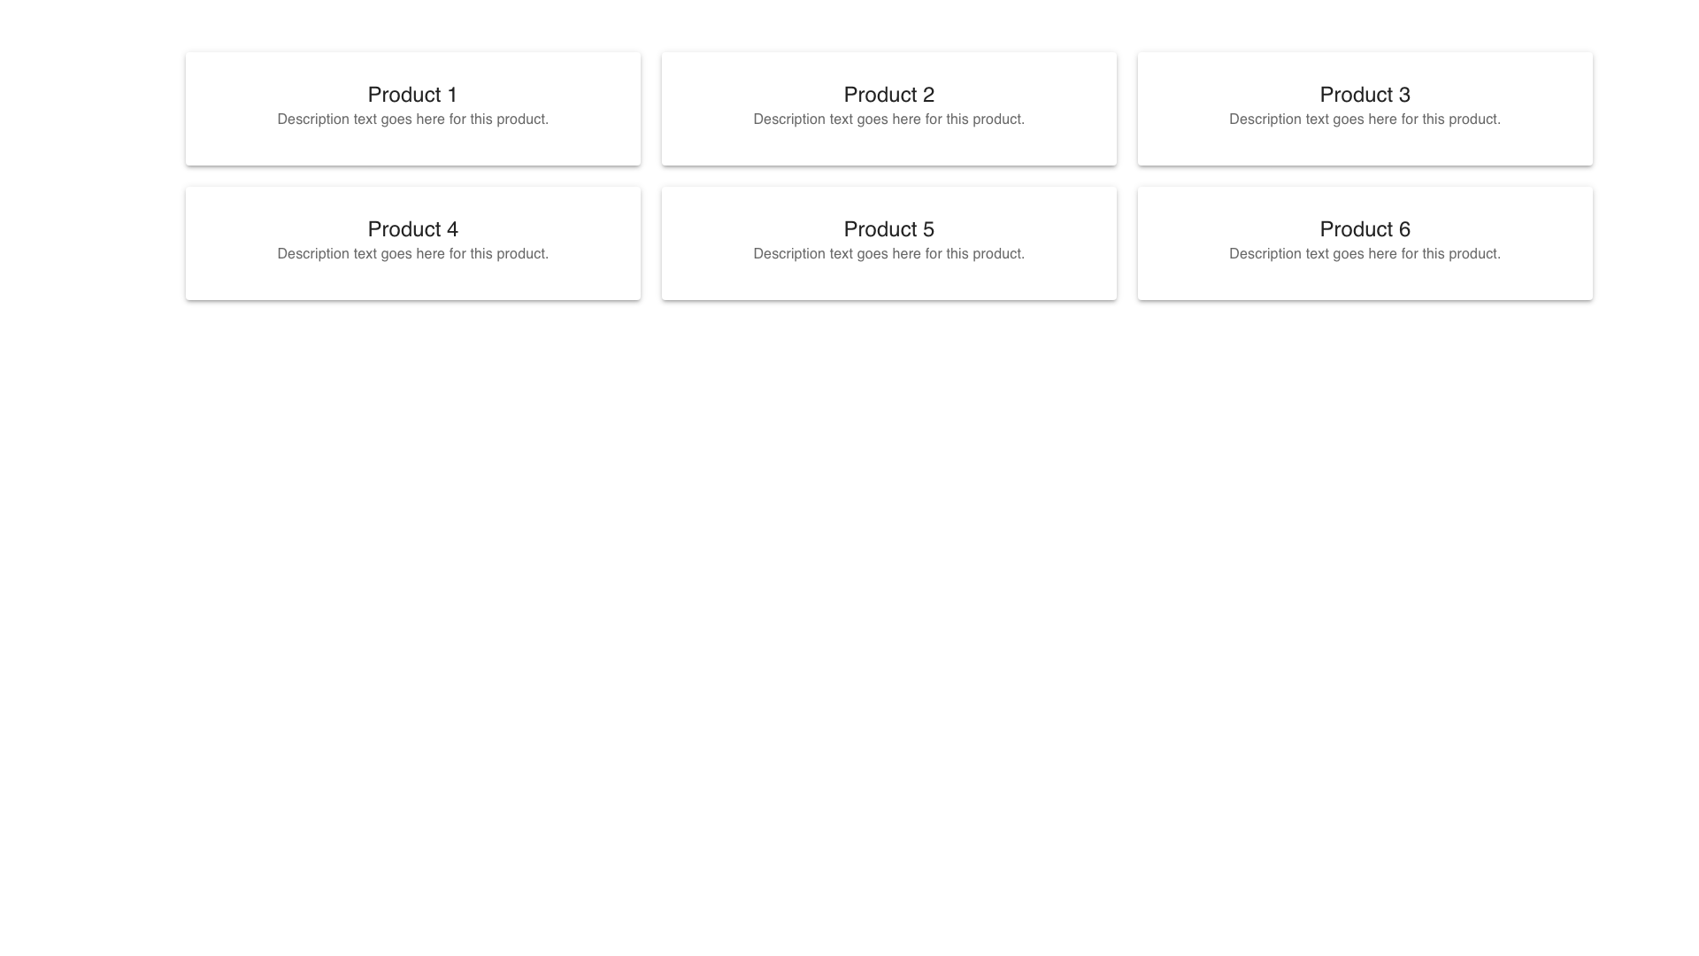 Image resolution: width=1699 pixels, height=956 pixels. What do you see at coordinates (411, 95) in the screenshot?
I see `the 'Product 1' text header displayed in bold font` at bounding box center [411, 95].